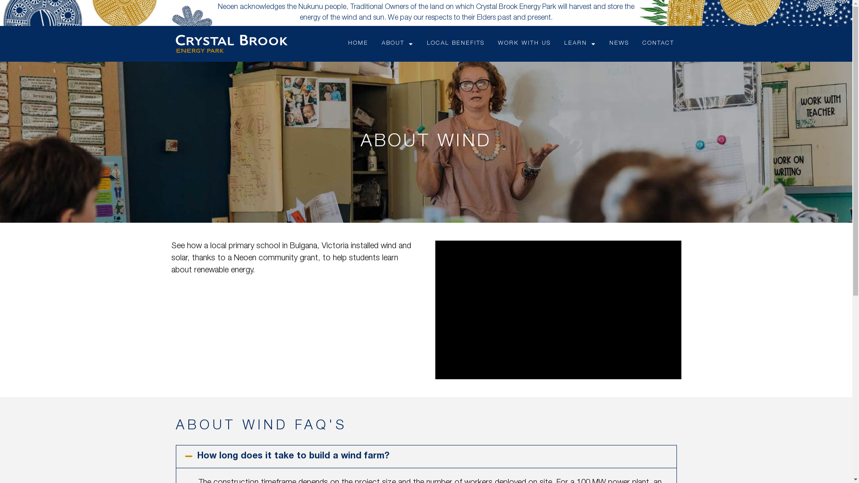 The width and height of the screenshot is (859, 483). I want to click on 'LOCAL BENEFITS', so click(455, 43).